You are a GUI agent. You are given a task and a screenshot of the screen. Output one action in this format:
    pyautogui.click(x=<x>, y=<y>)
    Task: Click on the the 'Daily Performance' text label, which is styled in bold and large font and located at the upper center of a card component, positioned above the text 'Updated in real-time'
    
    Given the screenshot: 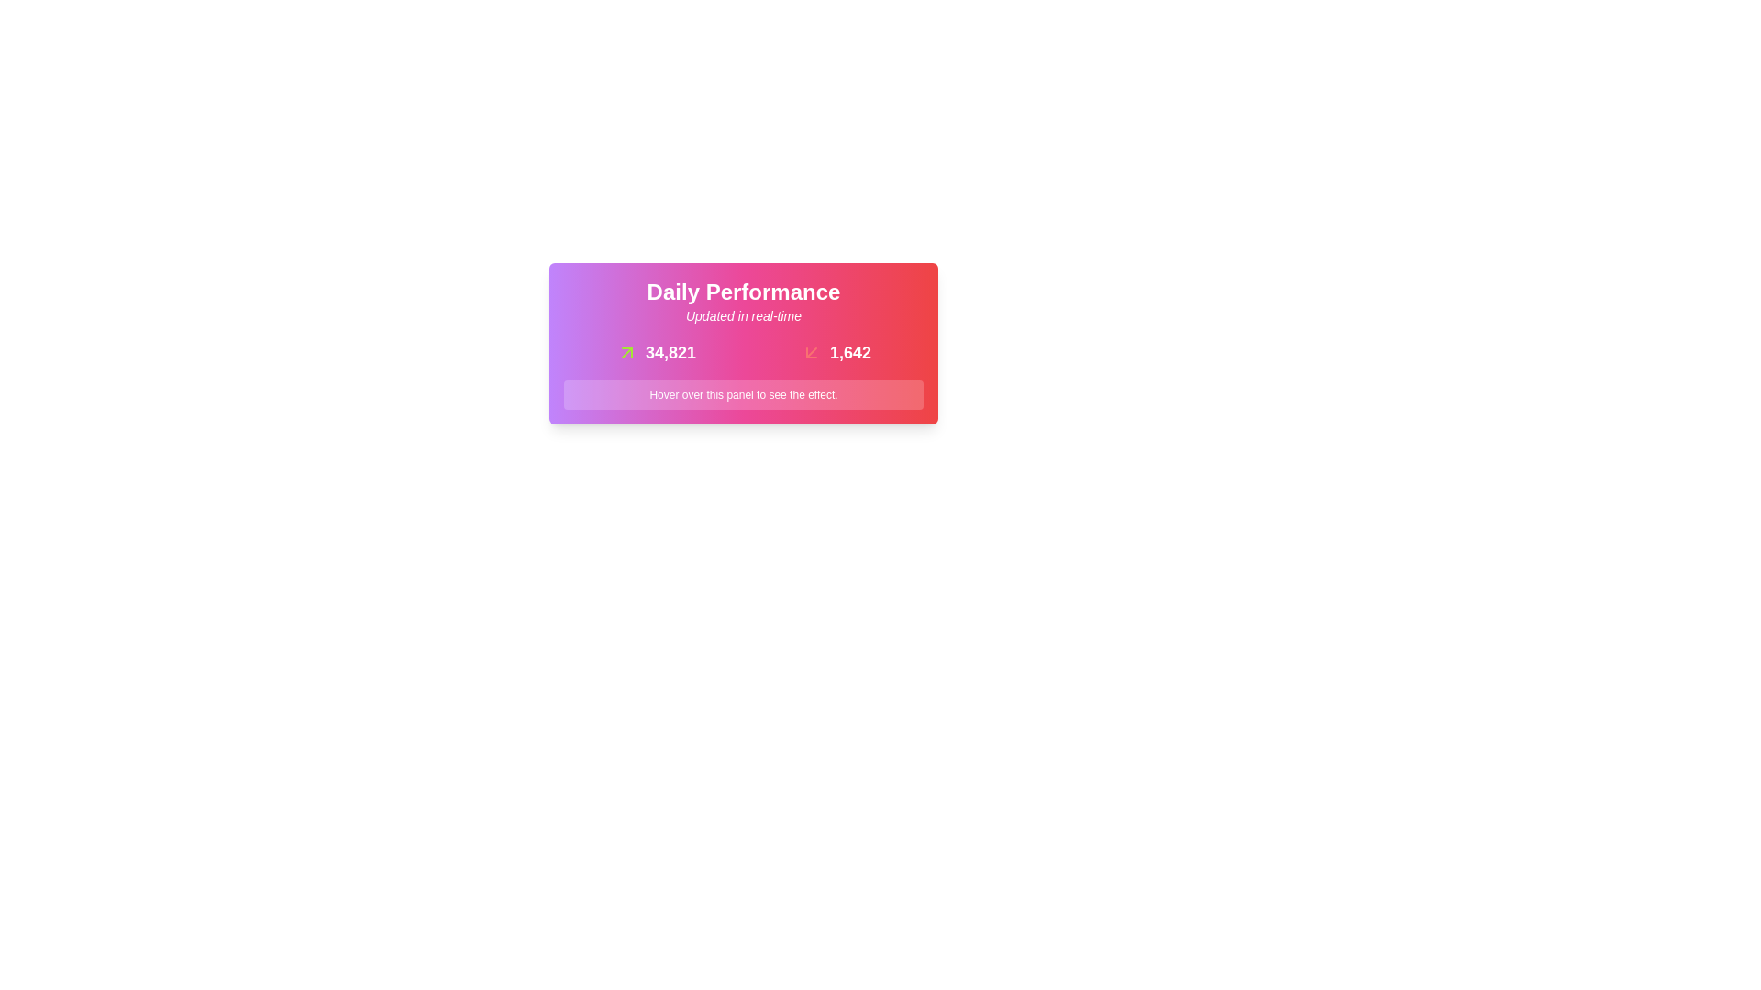 What is the action you would take?
    pyautogui.click(x=744, y=291)
    